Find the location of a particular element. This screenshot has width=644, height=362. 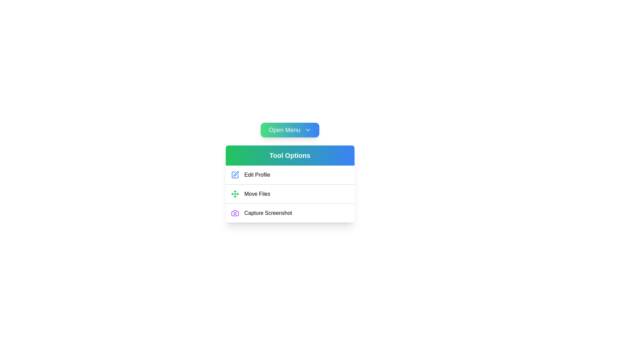

the downward-pointing chevron icon within the 'Open Menu' button, which is styled with a white stroke and rounded corners, located on the right side of the button's text is located at coordinates (307, 130).